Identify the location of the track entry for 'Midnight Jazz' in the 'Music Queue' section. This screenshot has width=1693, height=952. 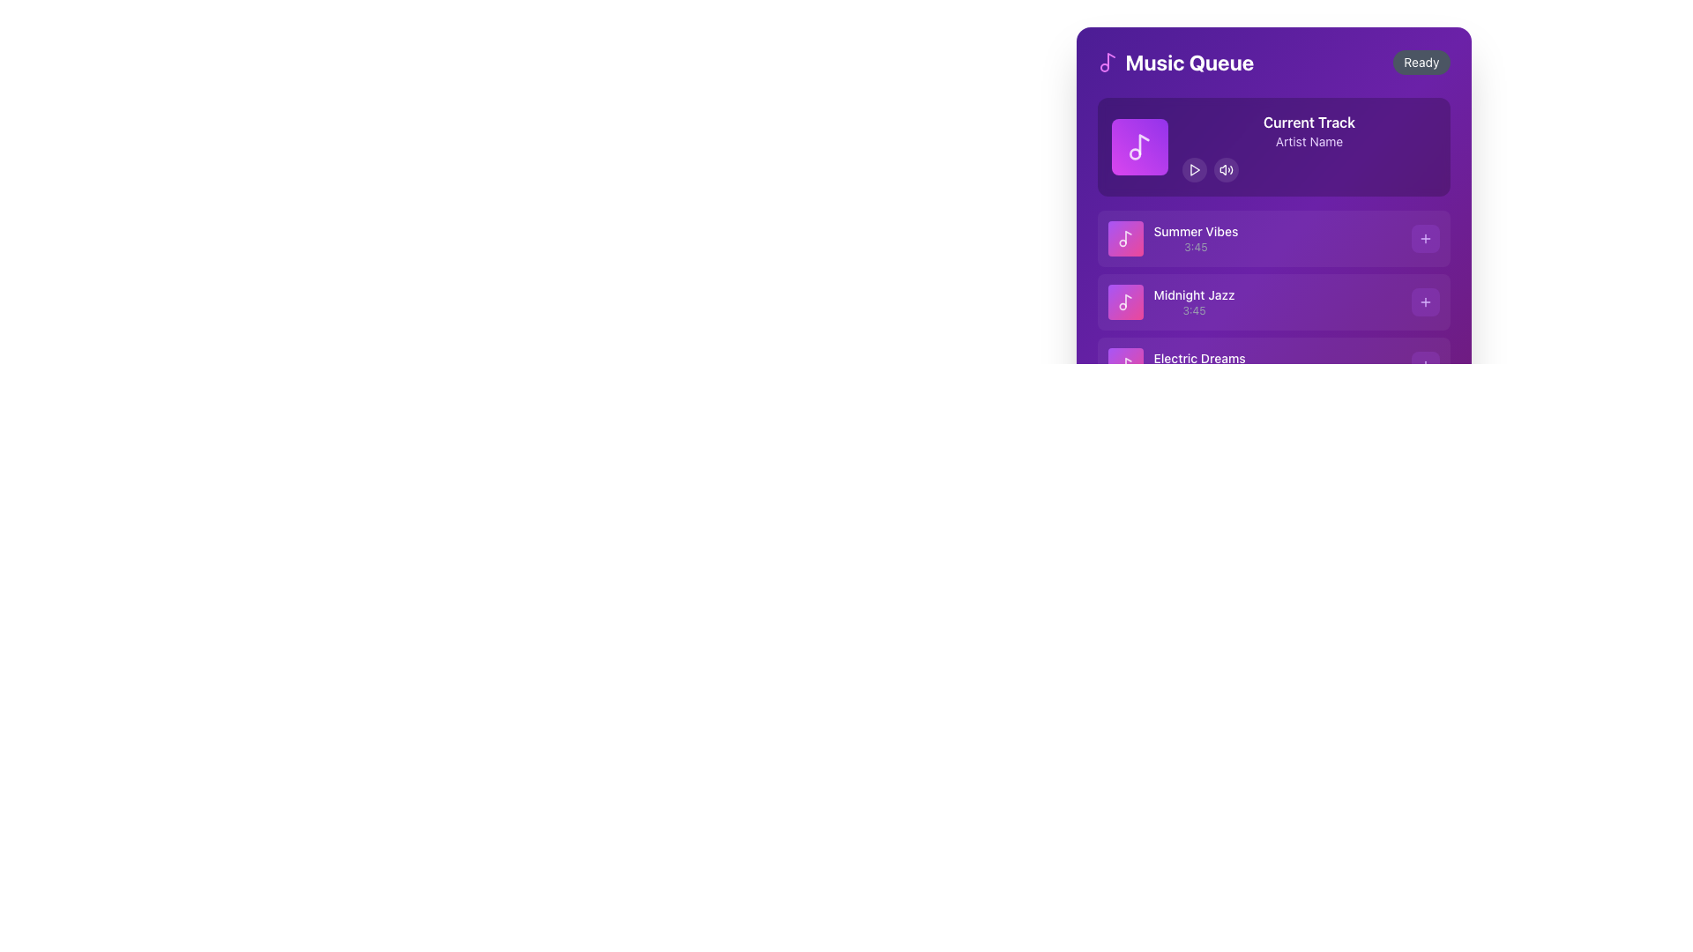
(1273, 301).